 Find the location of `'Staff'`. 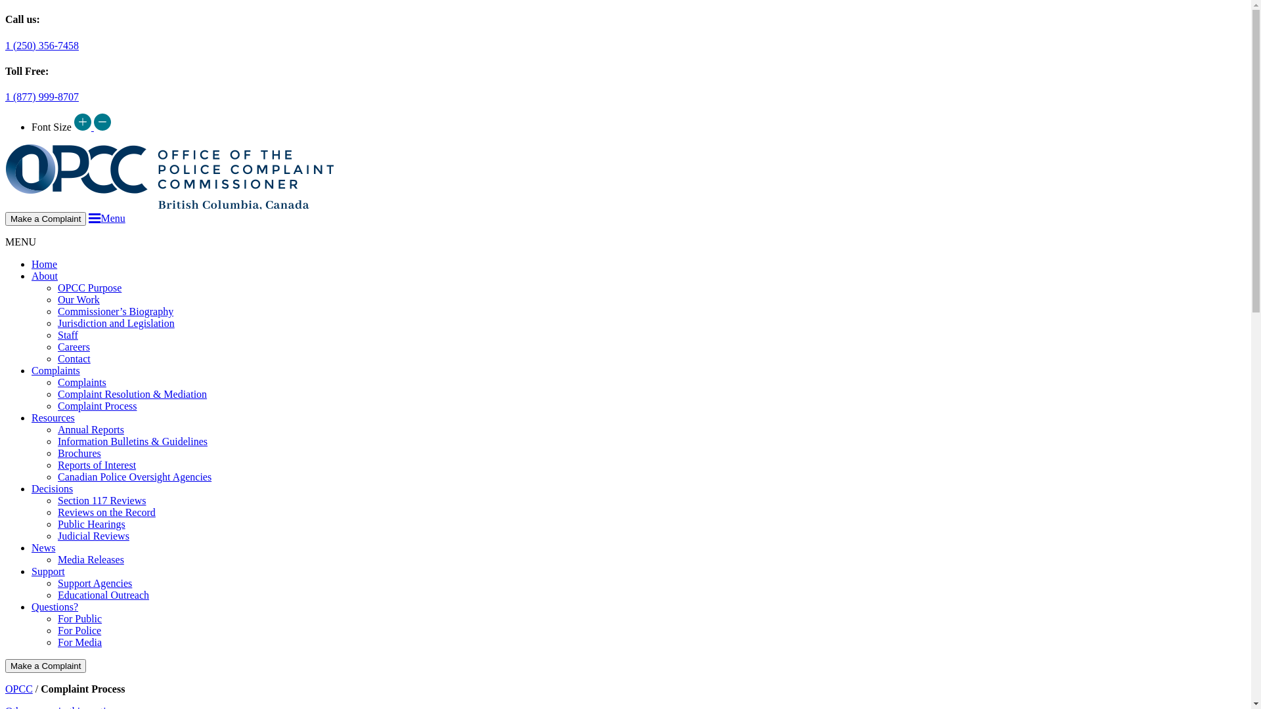

'Staff' is located at coordinates (67, 334).